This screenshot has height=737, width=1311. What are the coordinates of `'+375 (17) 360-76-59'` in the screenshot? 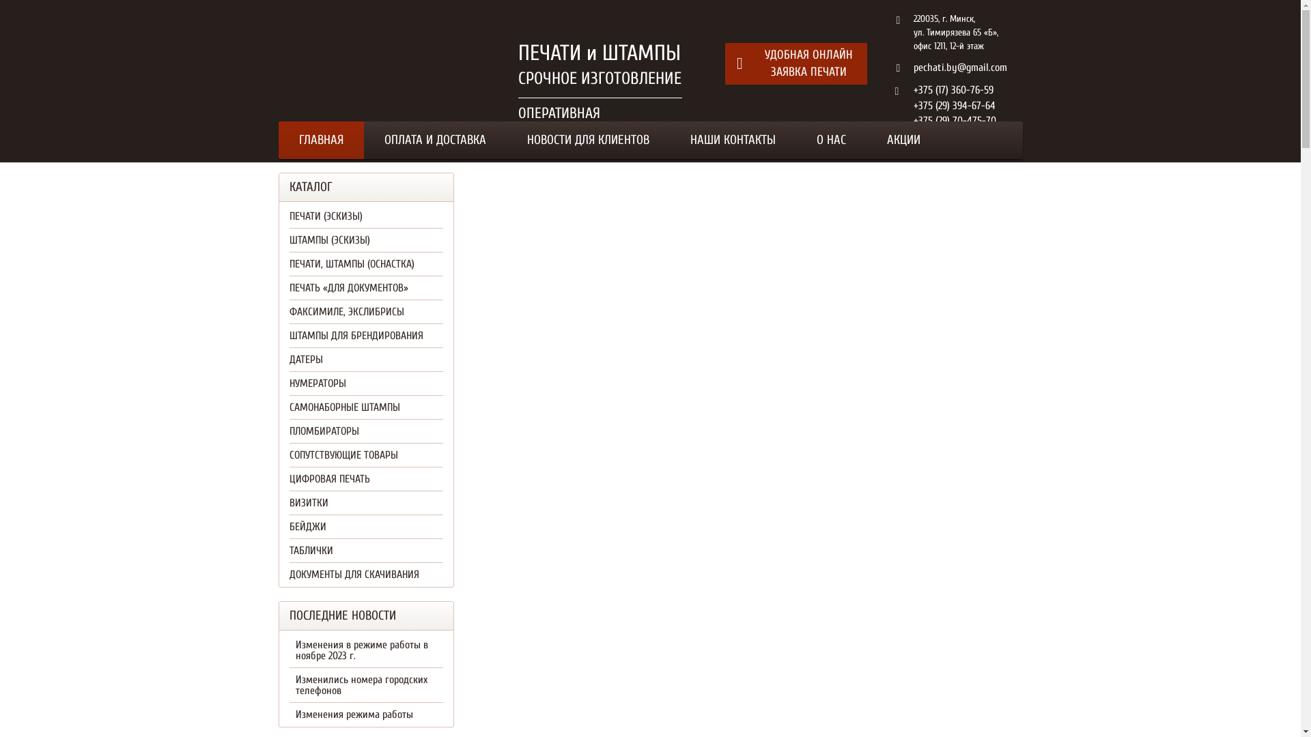 It's located at (953, 89).